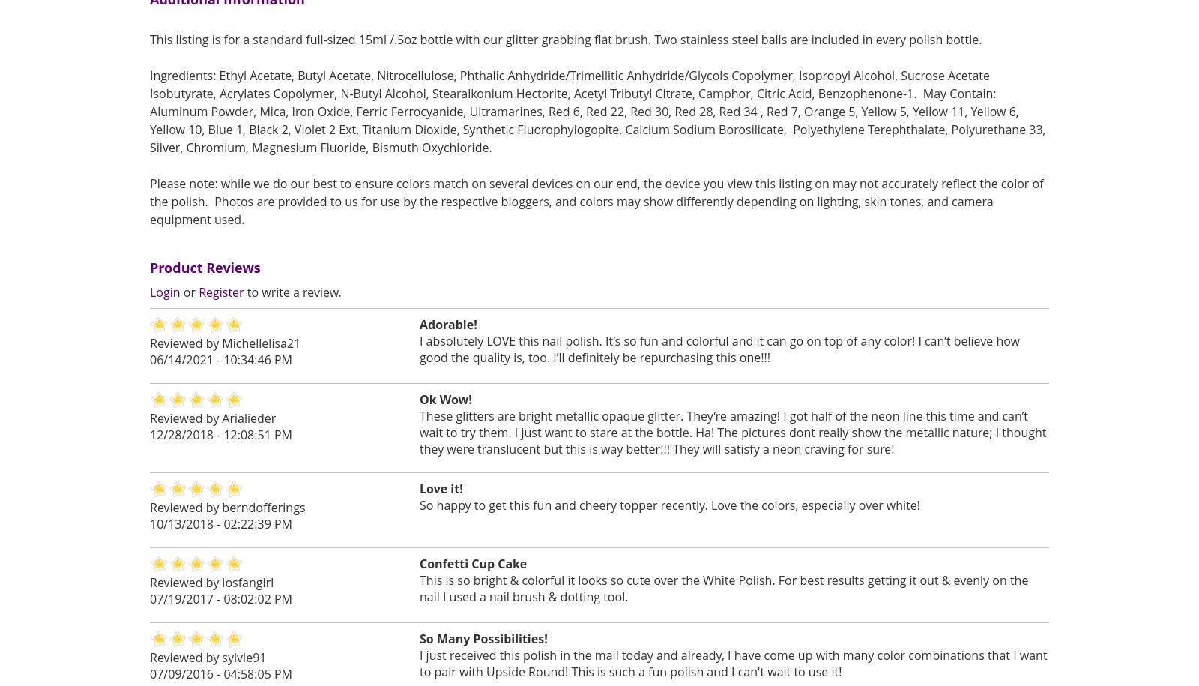 The image size is (1199, 686). What do you see at coordinates (205, 267) in the screenshot?
I see `'Product Reviews'` at bounding box center [205, 267].